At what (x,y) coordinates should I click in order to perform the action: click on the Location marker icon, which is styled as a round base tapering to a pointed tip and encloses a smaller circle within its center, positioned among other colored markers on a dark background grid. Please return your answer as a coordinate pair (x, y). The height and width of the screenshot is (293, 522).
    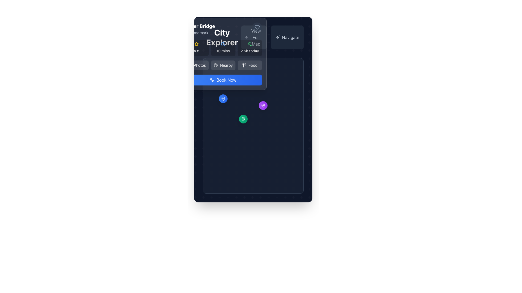
    Looking at the image, I should click on (243, 119).